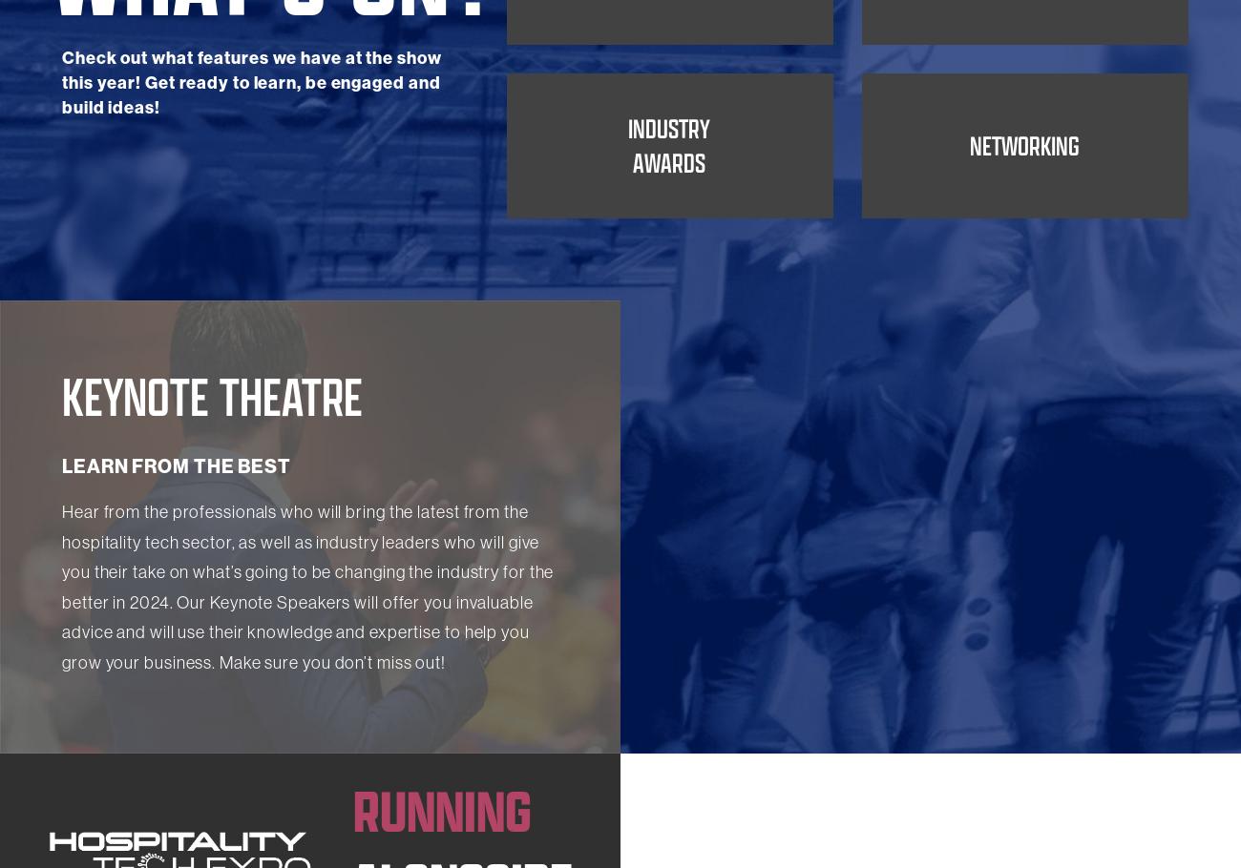  I want to click on 'Awards', so click(667, 287).